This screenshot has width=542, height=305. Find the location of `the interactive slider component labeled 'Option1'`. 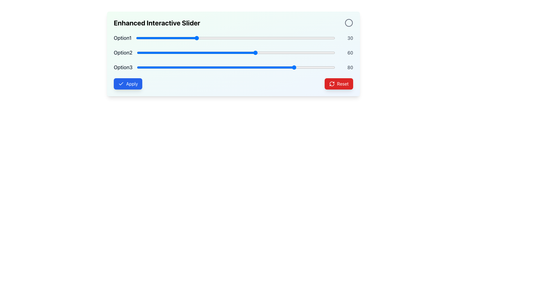

the interactive slider component labeled 'Option1' is located at coordinates (233, 38).